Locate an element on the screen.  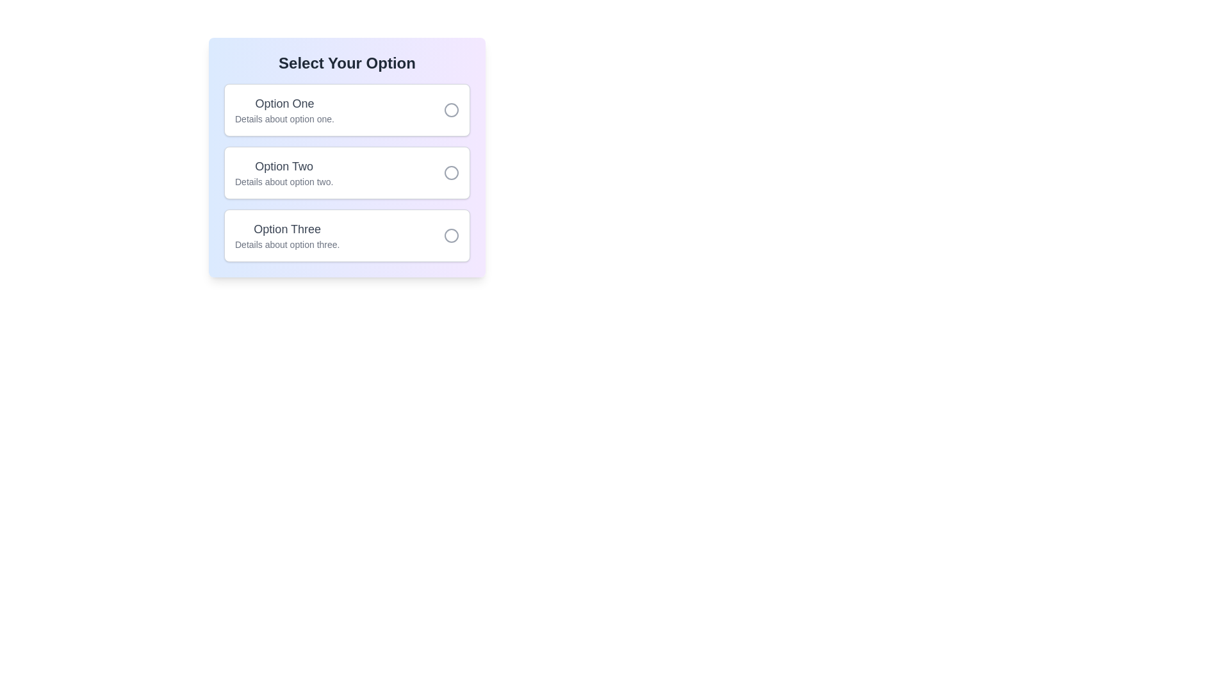
the option 3 by clicking on it is located at coordinates (347, 235).